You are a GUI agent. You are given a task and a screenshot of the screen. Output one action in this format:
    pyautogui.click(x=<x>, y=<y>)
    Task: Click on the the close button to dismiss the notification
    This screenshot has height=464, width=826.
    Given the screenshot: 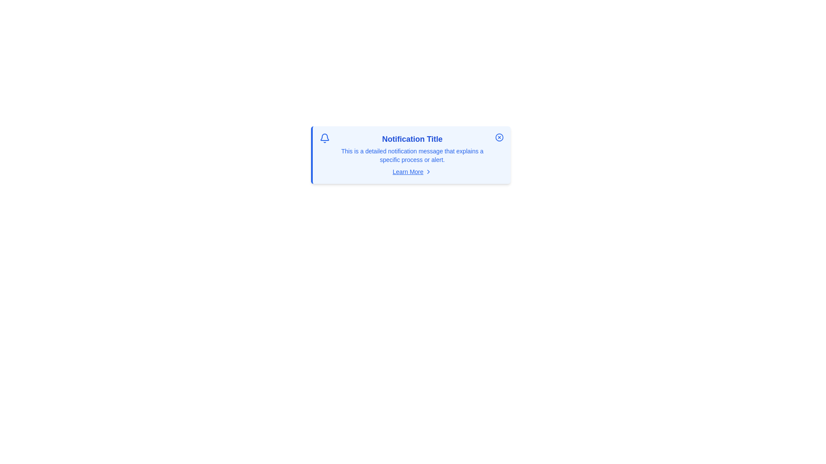 What is the action you would take?
    pyautogui.click(x=499, y=137)
    